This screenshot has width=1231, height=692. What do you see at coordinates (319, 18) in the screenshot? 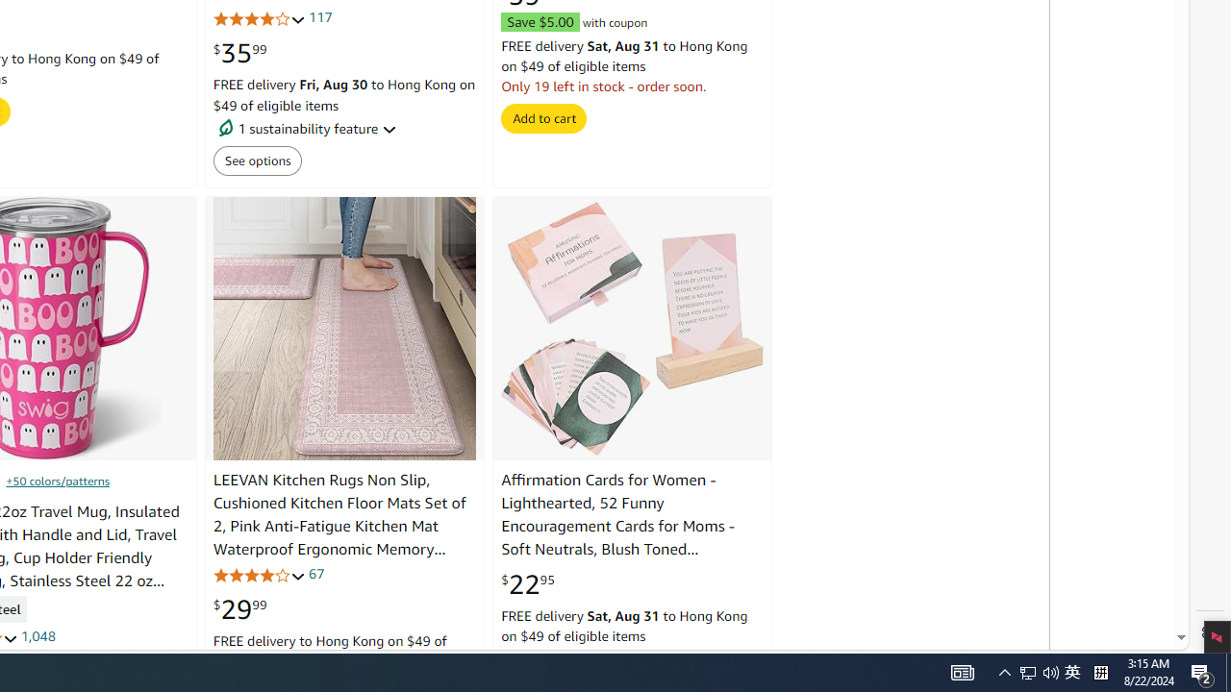
I see `'117'` at bounding box center [319, 18].